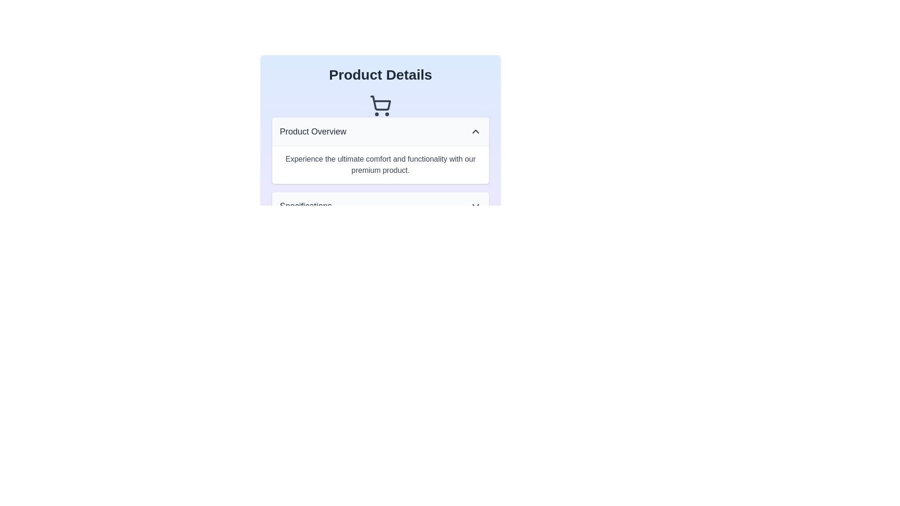 The height and width of the screenshot is (506, 900). Describe the element at coordinates (475, 205) in the screenshot. I see `the downward chevron icon on the 'Specifications' title bar` at that location.